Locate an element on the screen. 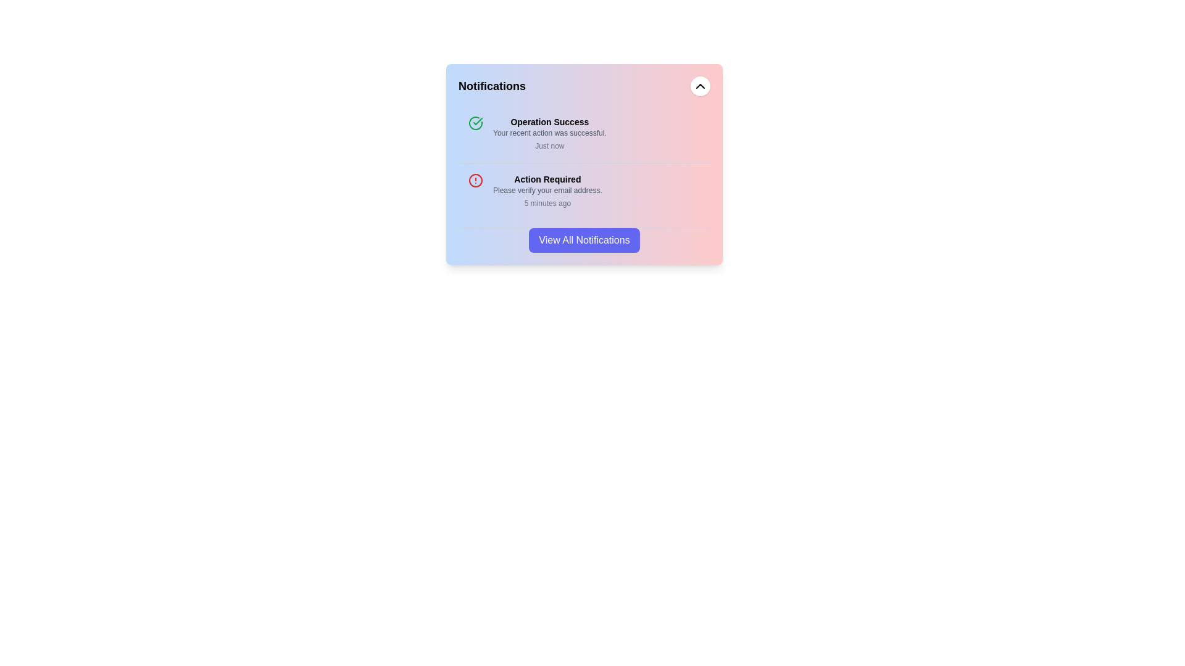 Image resolution: width=1185 pixels, height=666 pixels. the text label displaying 'Operation Success' in bold font, located in the notification card with a gradient background is located at coordinates (549, 121).